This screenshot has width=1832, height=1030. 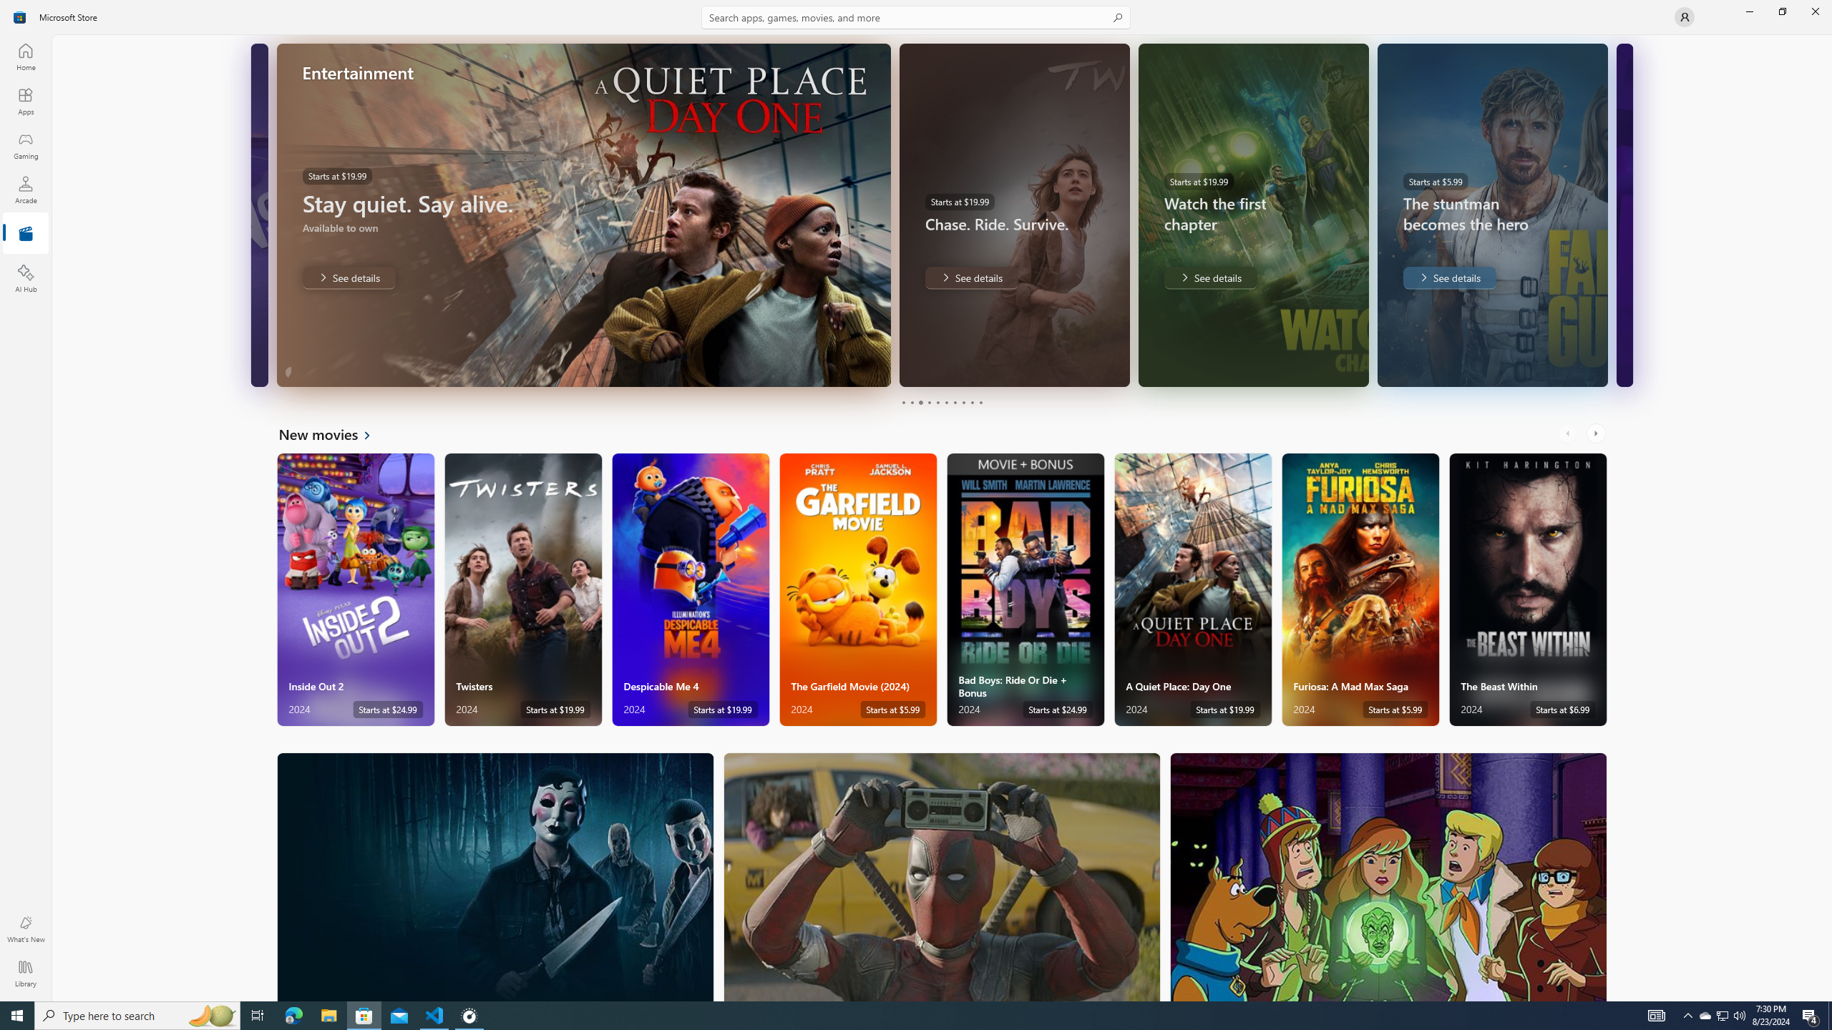 I want to click on 'AutomationID: LeftScrollButton', so click(x=1569, y=433).